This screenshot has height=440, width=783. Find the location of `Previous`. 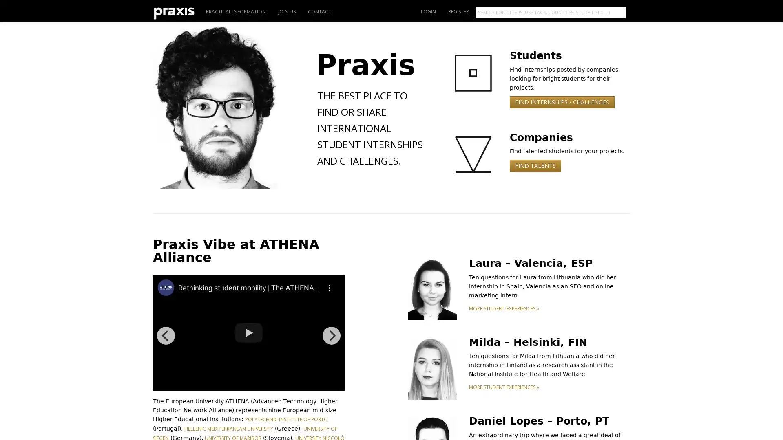

Previous is located at coordinates (166, 336).